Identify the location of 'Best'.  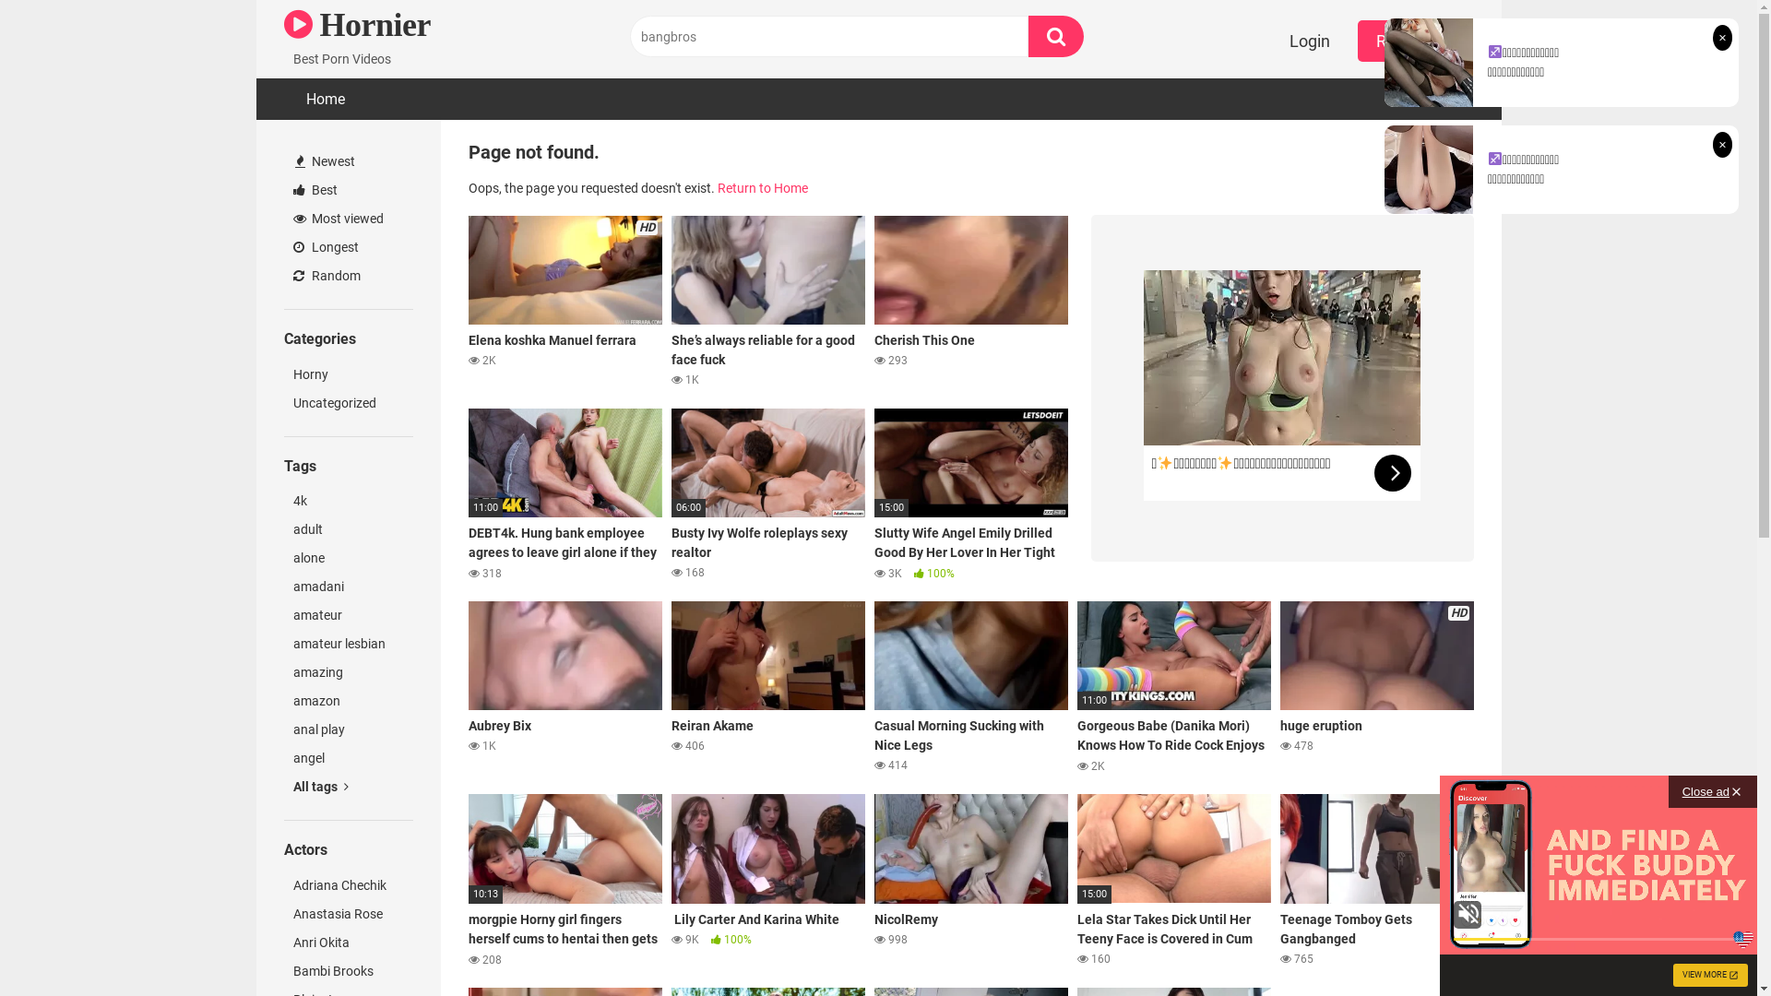
(349, 190).